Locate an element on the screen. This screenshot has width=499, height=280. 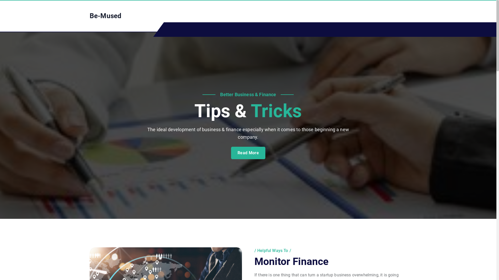
'Be-Mused' is located at coordinates (90, 16).